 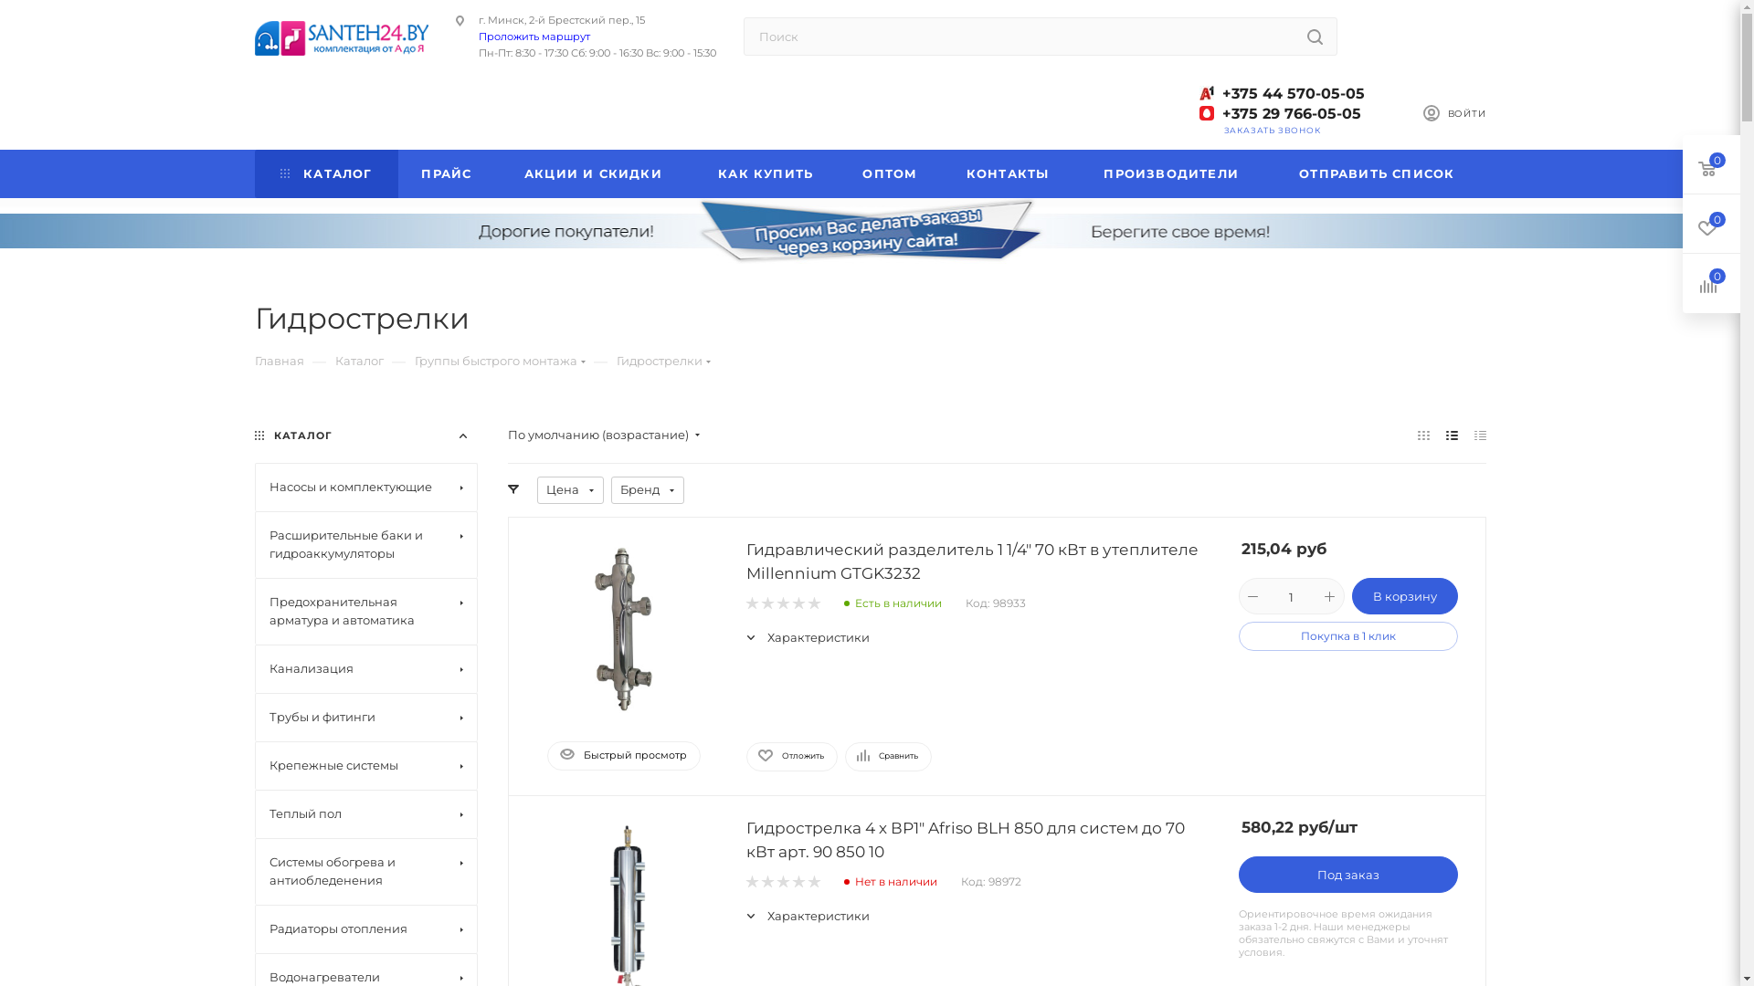 I want to click on '+375 29 766-05-05', so click(x=1281, y=113).